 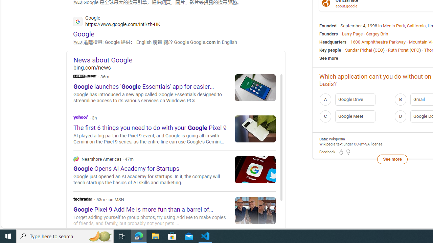 I want to click on 'Global web icon', so click(x=77, y=21).